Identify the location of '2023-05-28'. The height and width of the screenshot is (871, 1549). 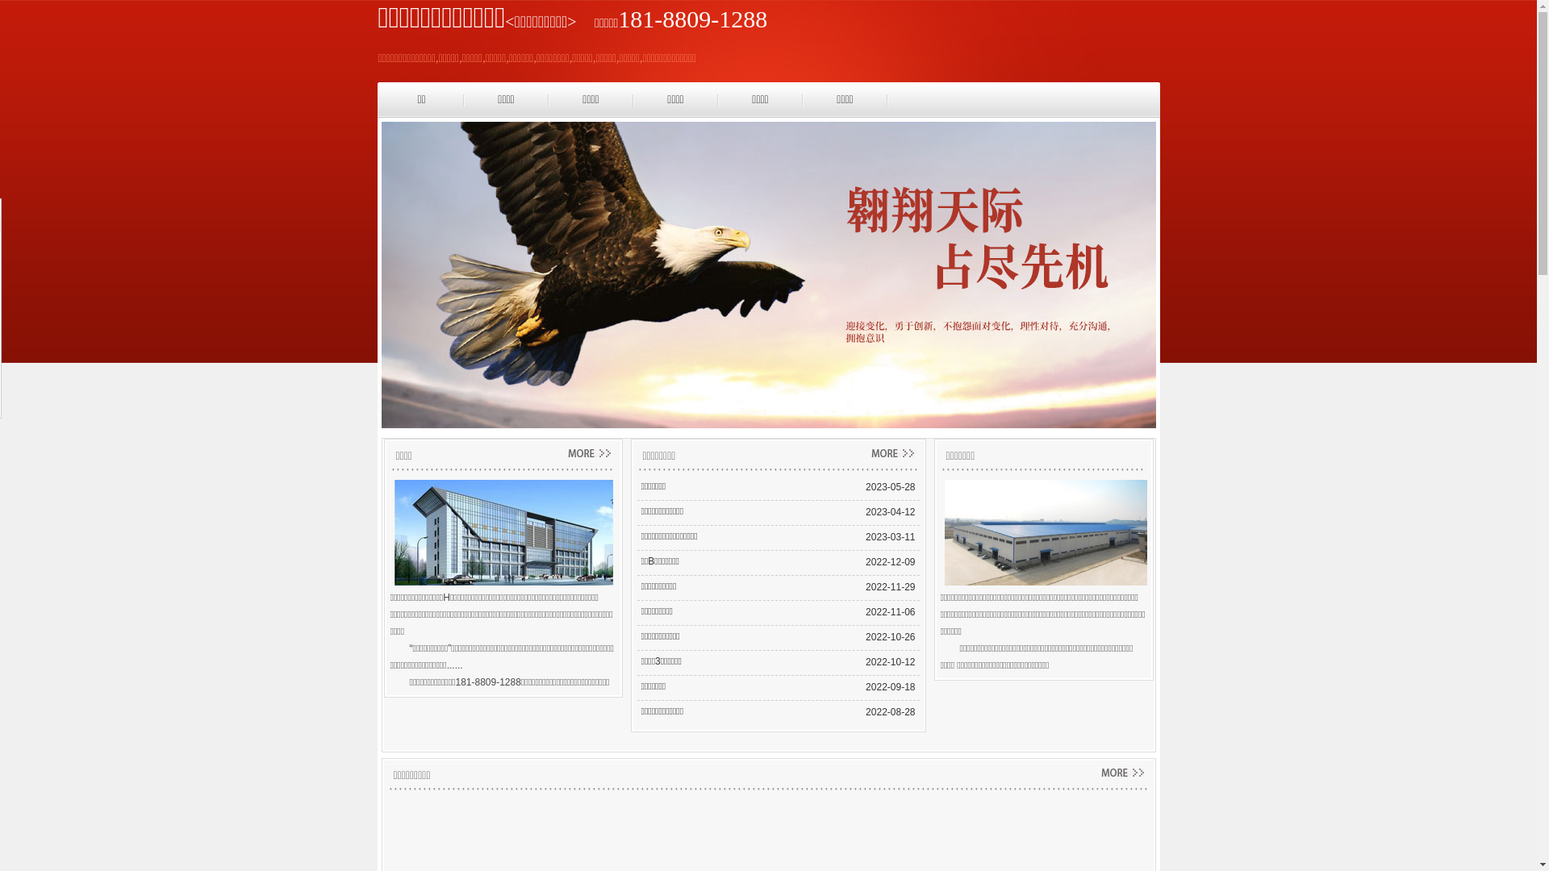
(889, 486).